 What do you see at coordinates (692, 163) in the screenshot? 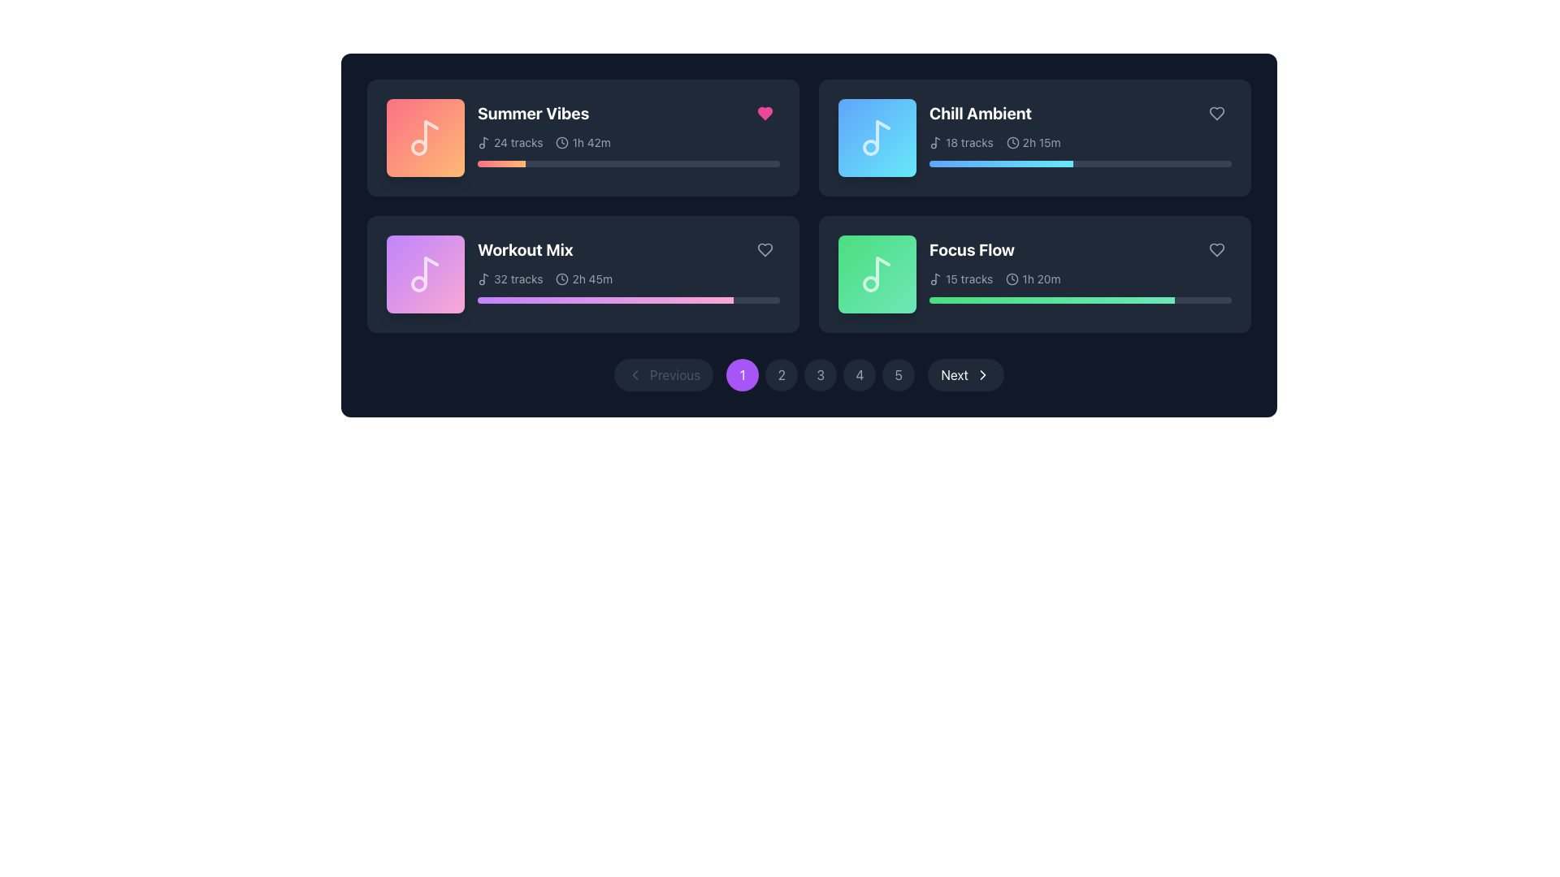
I see `the progress` at bounding box center [692, 163].